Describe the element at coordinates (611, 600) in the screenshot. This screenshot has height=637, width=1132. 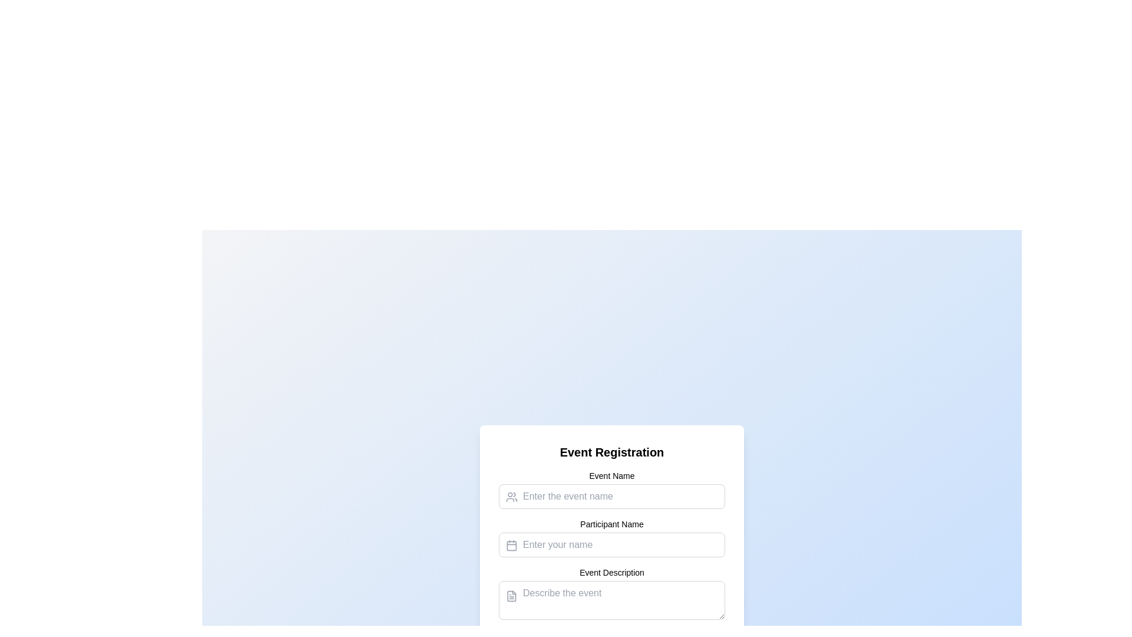
I see `the third input text field in the 'Event Registration' form` at that location.